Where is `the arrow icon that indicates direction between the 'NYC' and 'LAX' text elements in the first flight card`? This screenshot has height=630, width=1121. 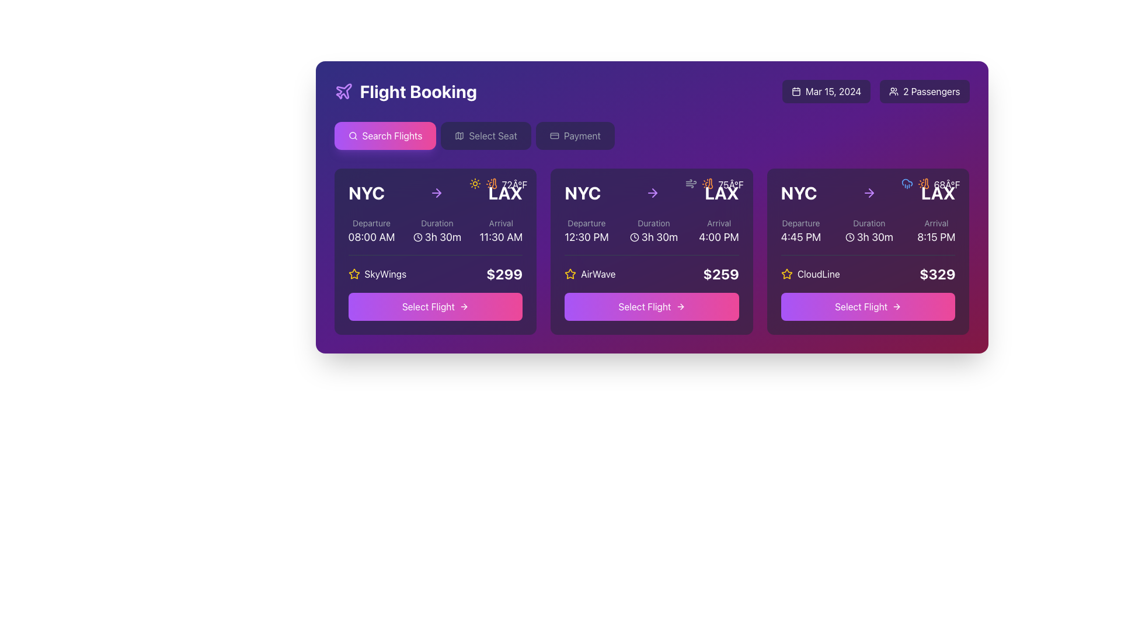 the arrow icon that indicates direction between the 'NYC' and 'LAX' text elements in the first flight card is located at coordinates (436, 192).